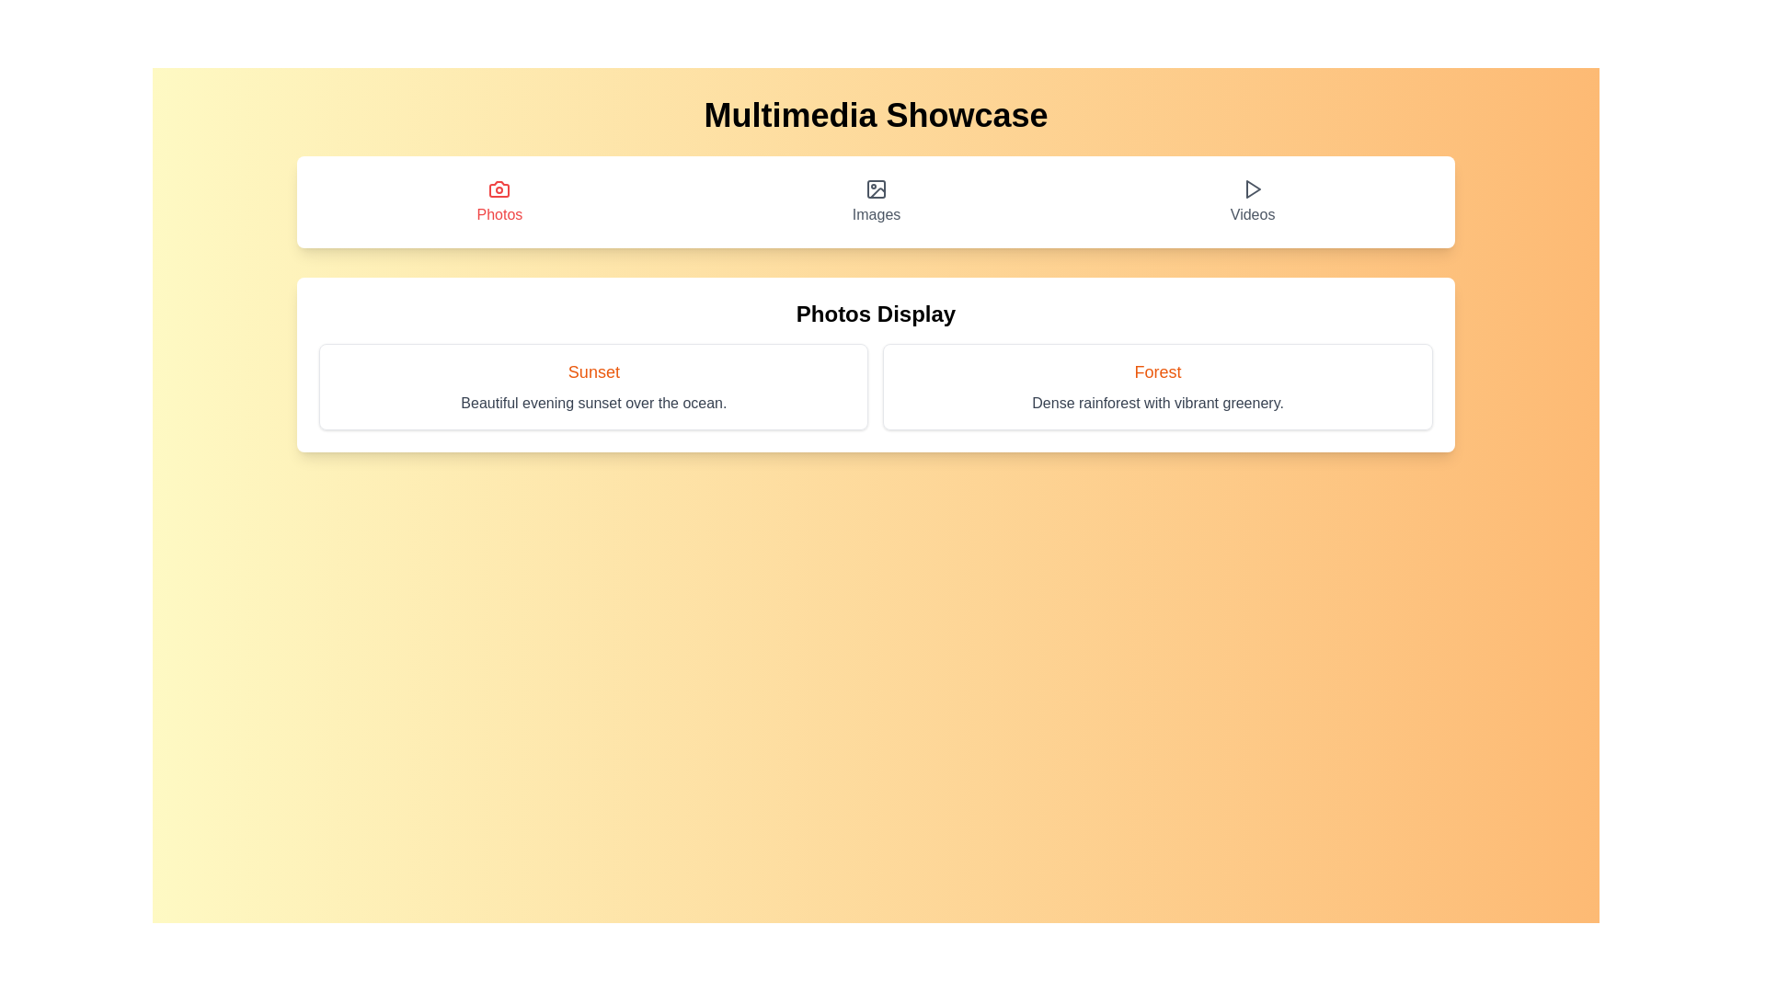 Image resolution: width=1766 pixels, height=993 pixels. Describe the element at coordinates (876, 188) in the screenshot. I see `the small, square-shaped image placeholder icon located centrally above the 'Images' label` at that location.